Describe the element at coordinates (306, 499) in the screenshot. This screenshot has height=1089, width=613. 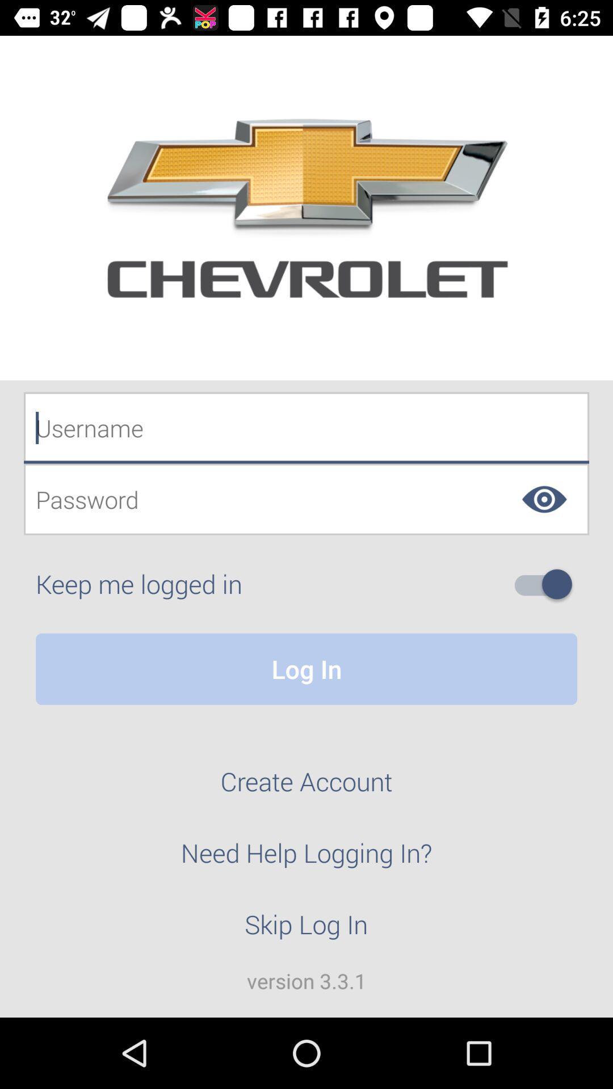
I see `item above the keep me logged item` at that location.